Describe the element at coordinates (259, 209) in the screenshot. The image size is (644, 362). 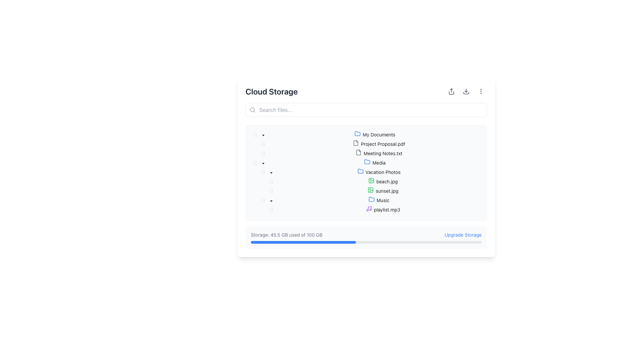
I see `the Indent marker, which visually indicates the nested level of the 'playlist.mp3' tree item in the Music folder, located at the leftmost position` at that location.